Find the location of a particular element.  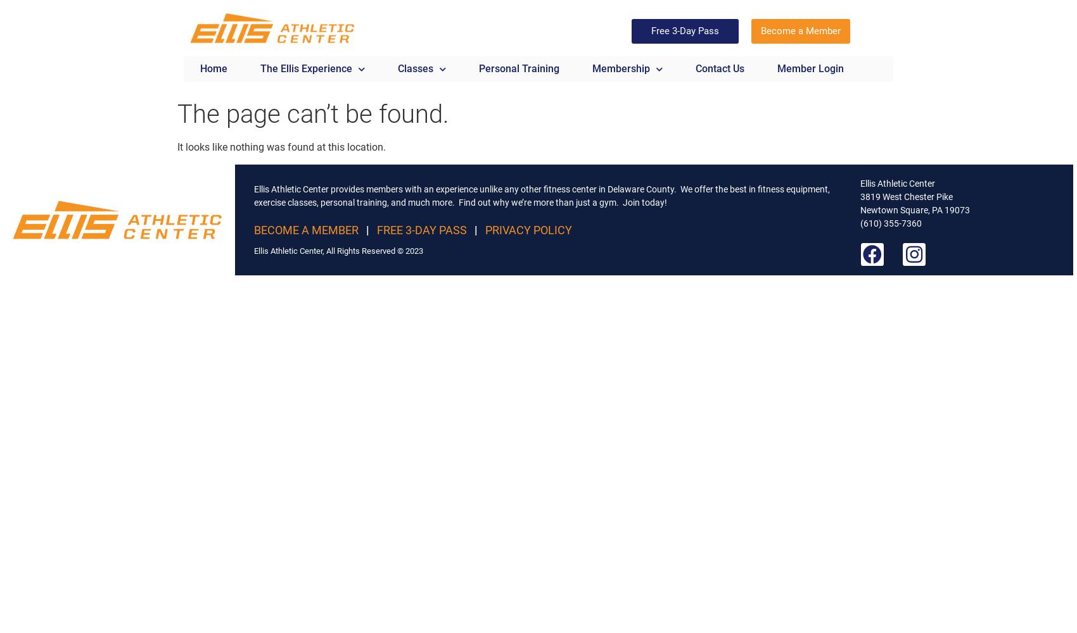

'3819 West Chester Pike' is located at coordinates (906, 196).